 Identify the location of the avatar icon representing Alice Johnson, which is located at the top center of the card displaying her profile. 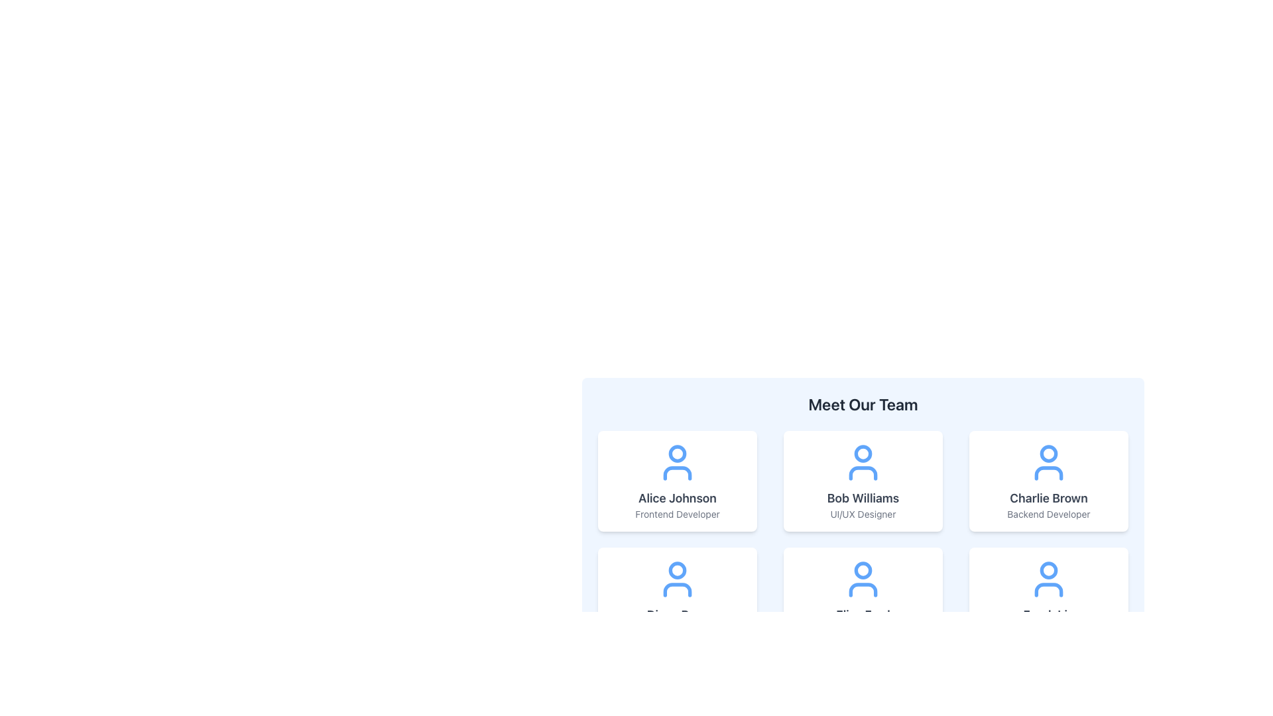
(678, 462).